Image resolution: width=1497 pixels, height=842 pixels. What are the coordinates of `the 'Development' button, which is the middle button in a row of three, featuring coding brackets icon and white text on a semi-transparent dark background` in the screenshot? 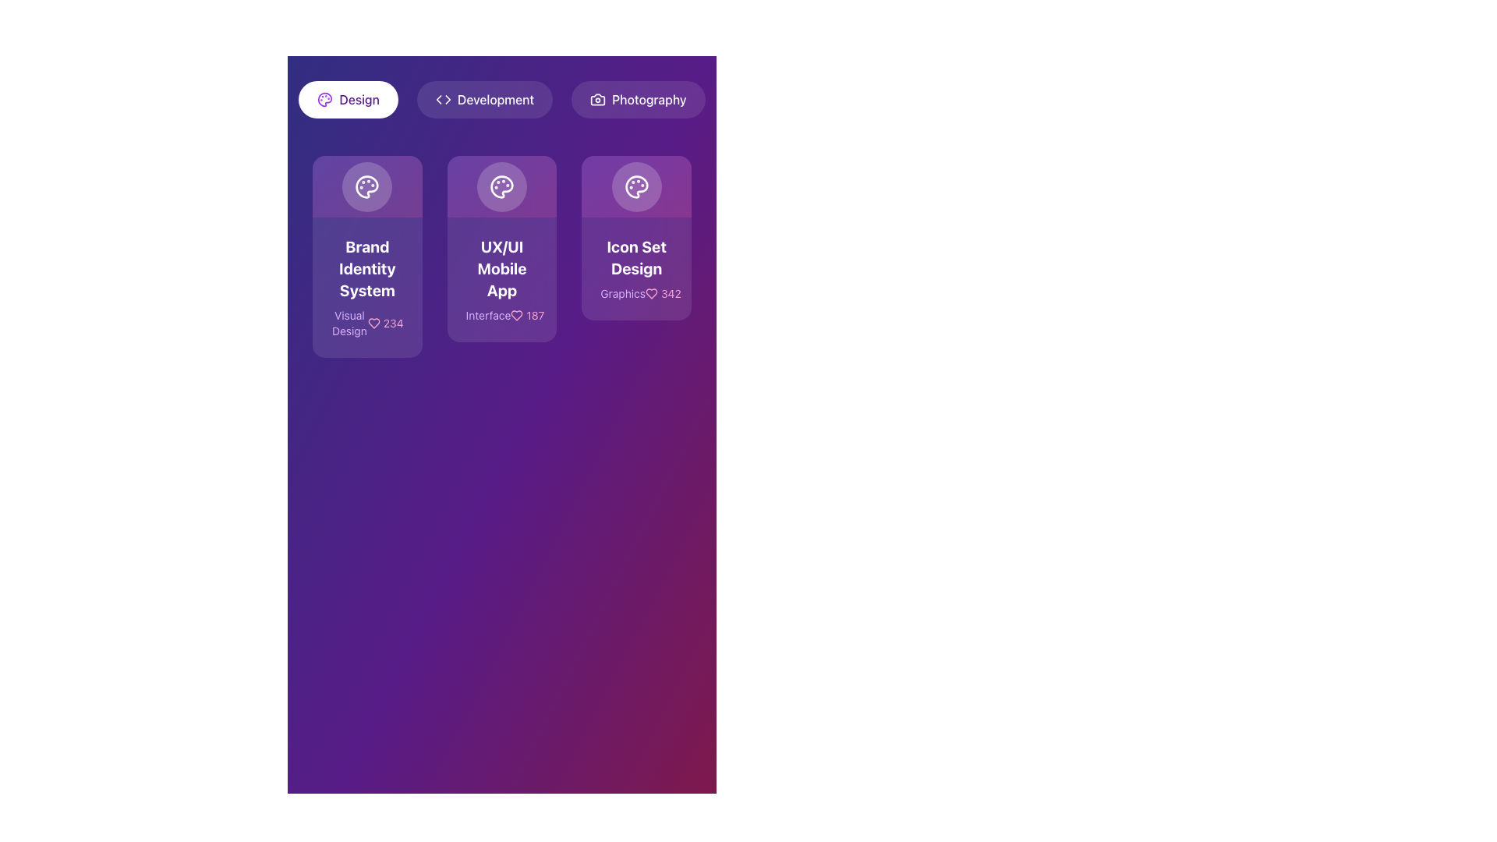 It's located at (501, 99).